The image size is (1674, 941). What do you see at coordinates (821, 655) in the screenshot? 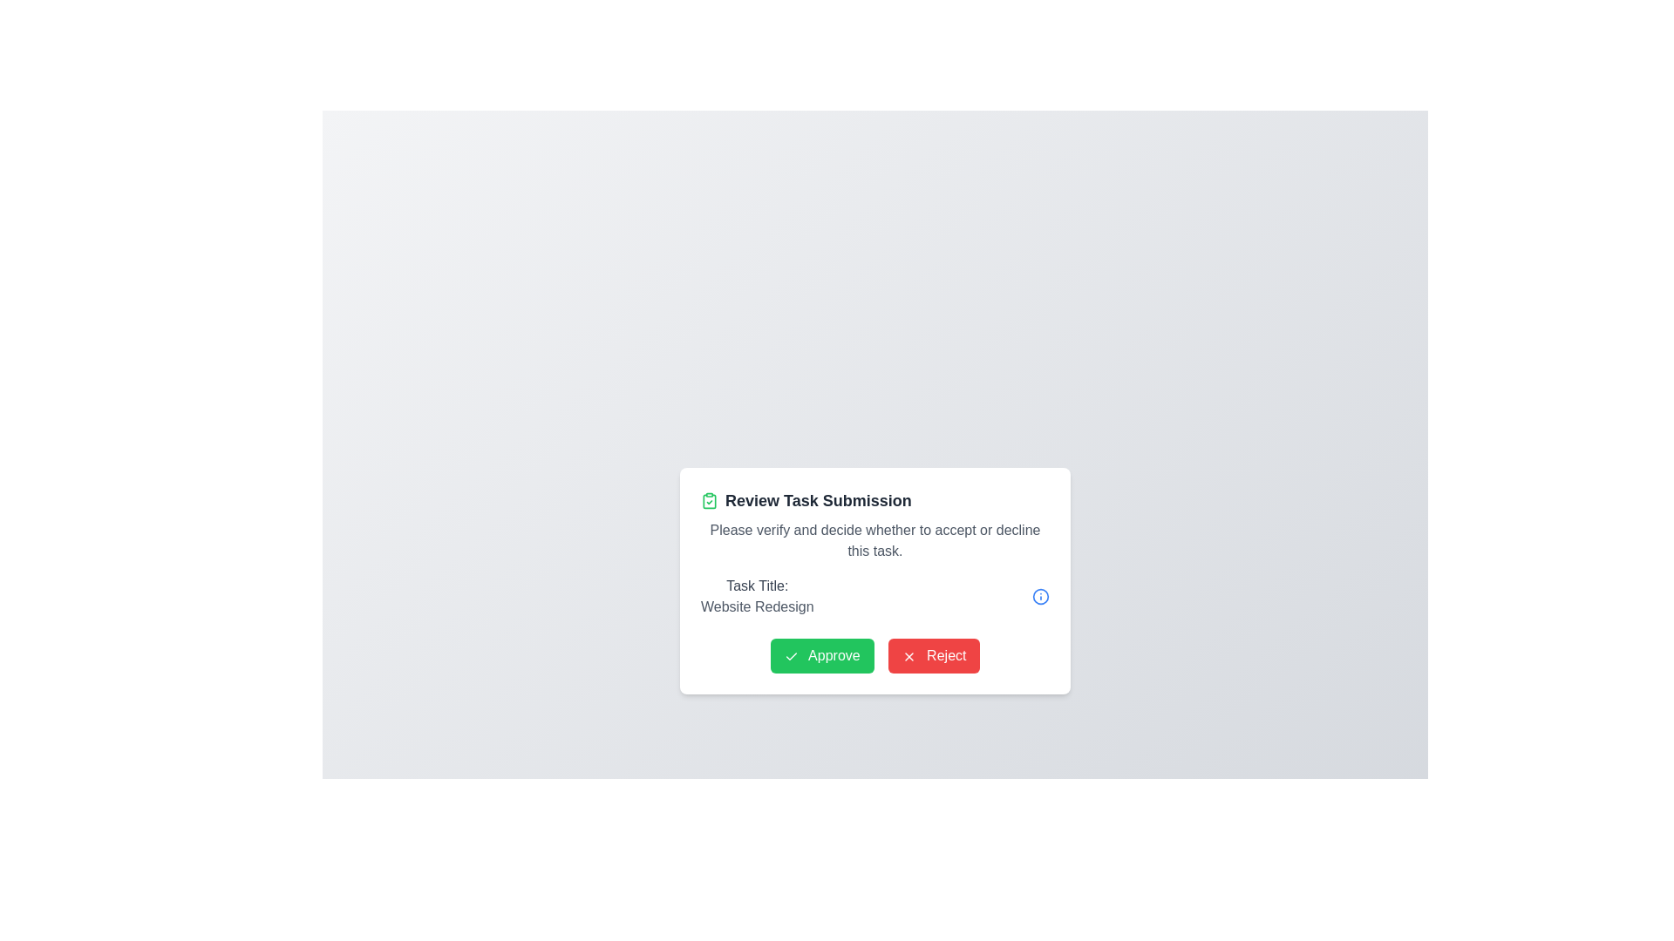
I see `the green 'Approve' button with rounded corners that features a checkmark icon and white text` at bounding box center [821, 655].